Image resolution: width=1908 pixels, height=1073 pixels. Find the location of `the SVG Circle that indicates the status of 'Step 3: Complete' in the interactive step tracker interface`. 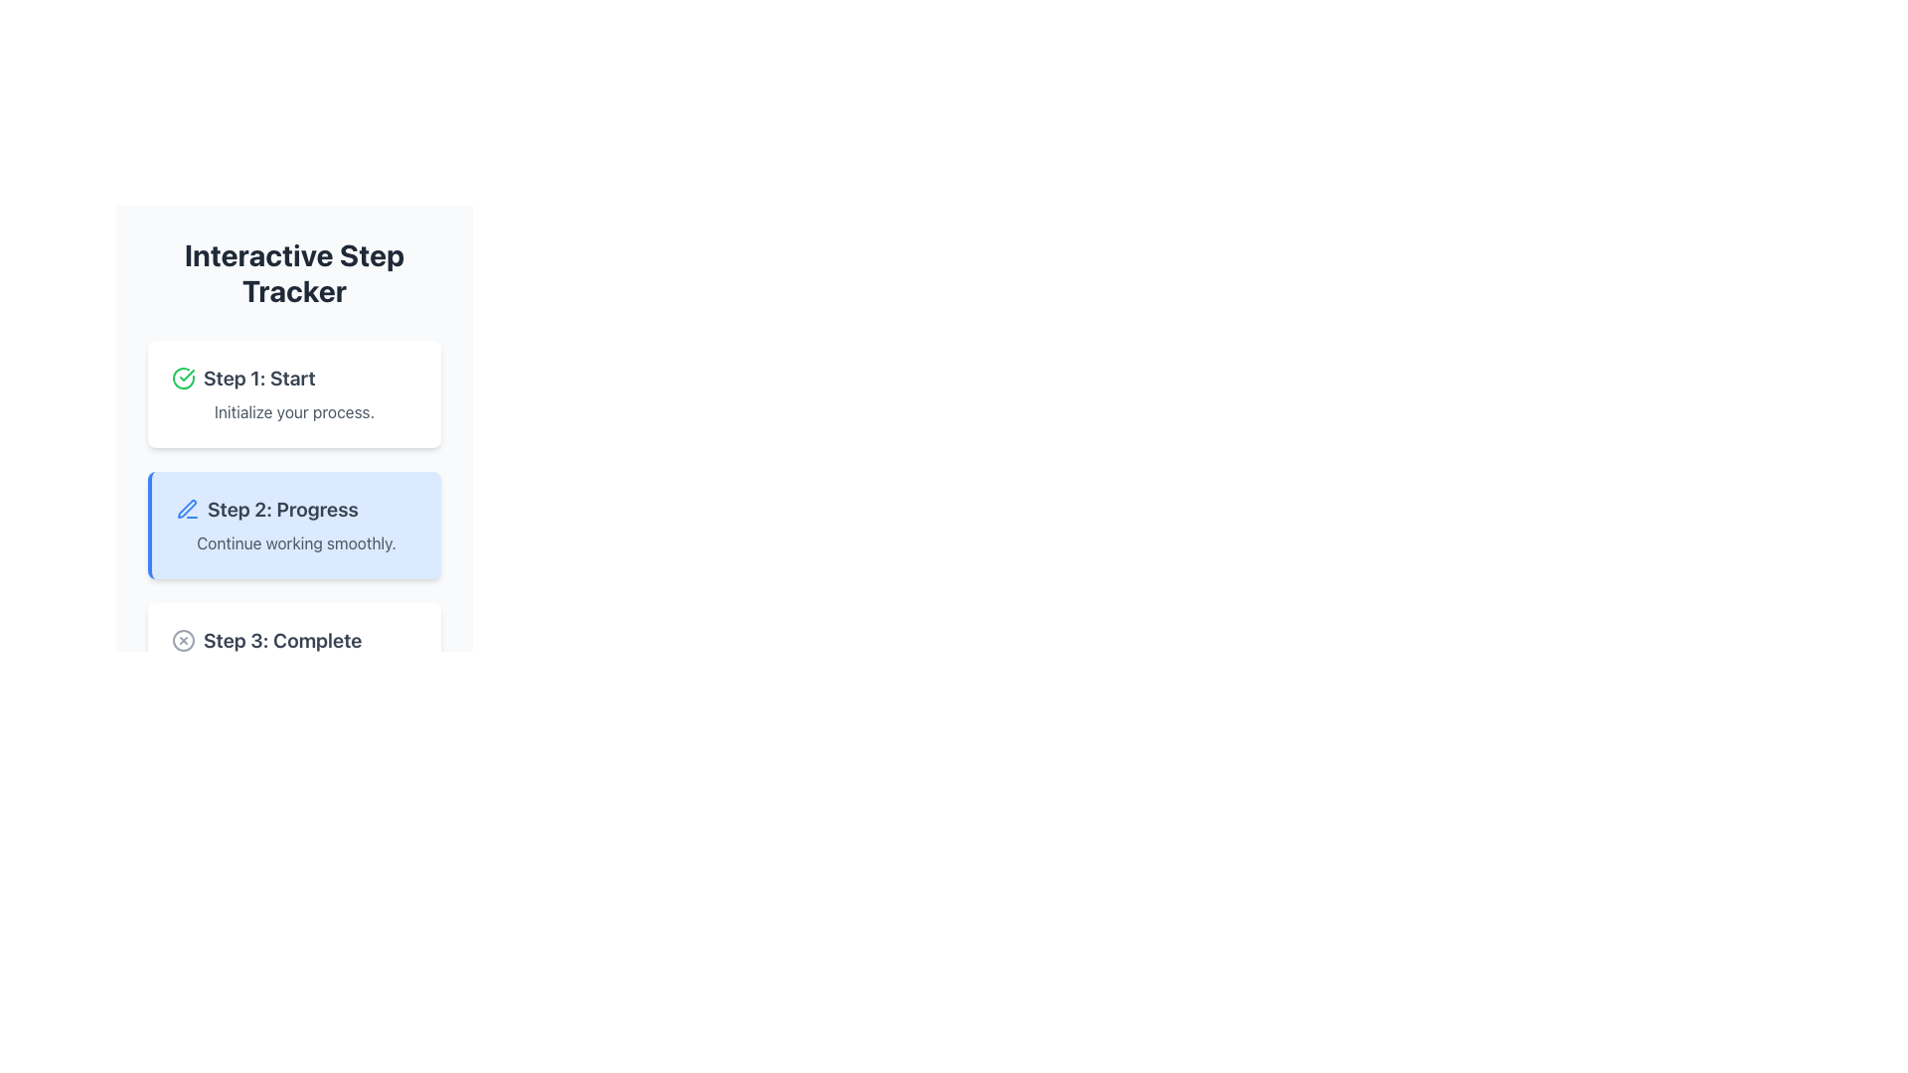

the SVG Circle that indicates the status of 'Step 3: Complete' in the interactive step tracker interface is located at coordinates (184, 640).